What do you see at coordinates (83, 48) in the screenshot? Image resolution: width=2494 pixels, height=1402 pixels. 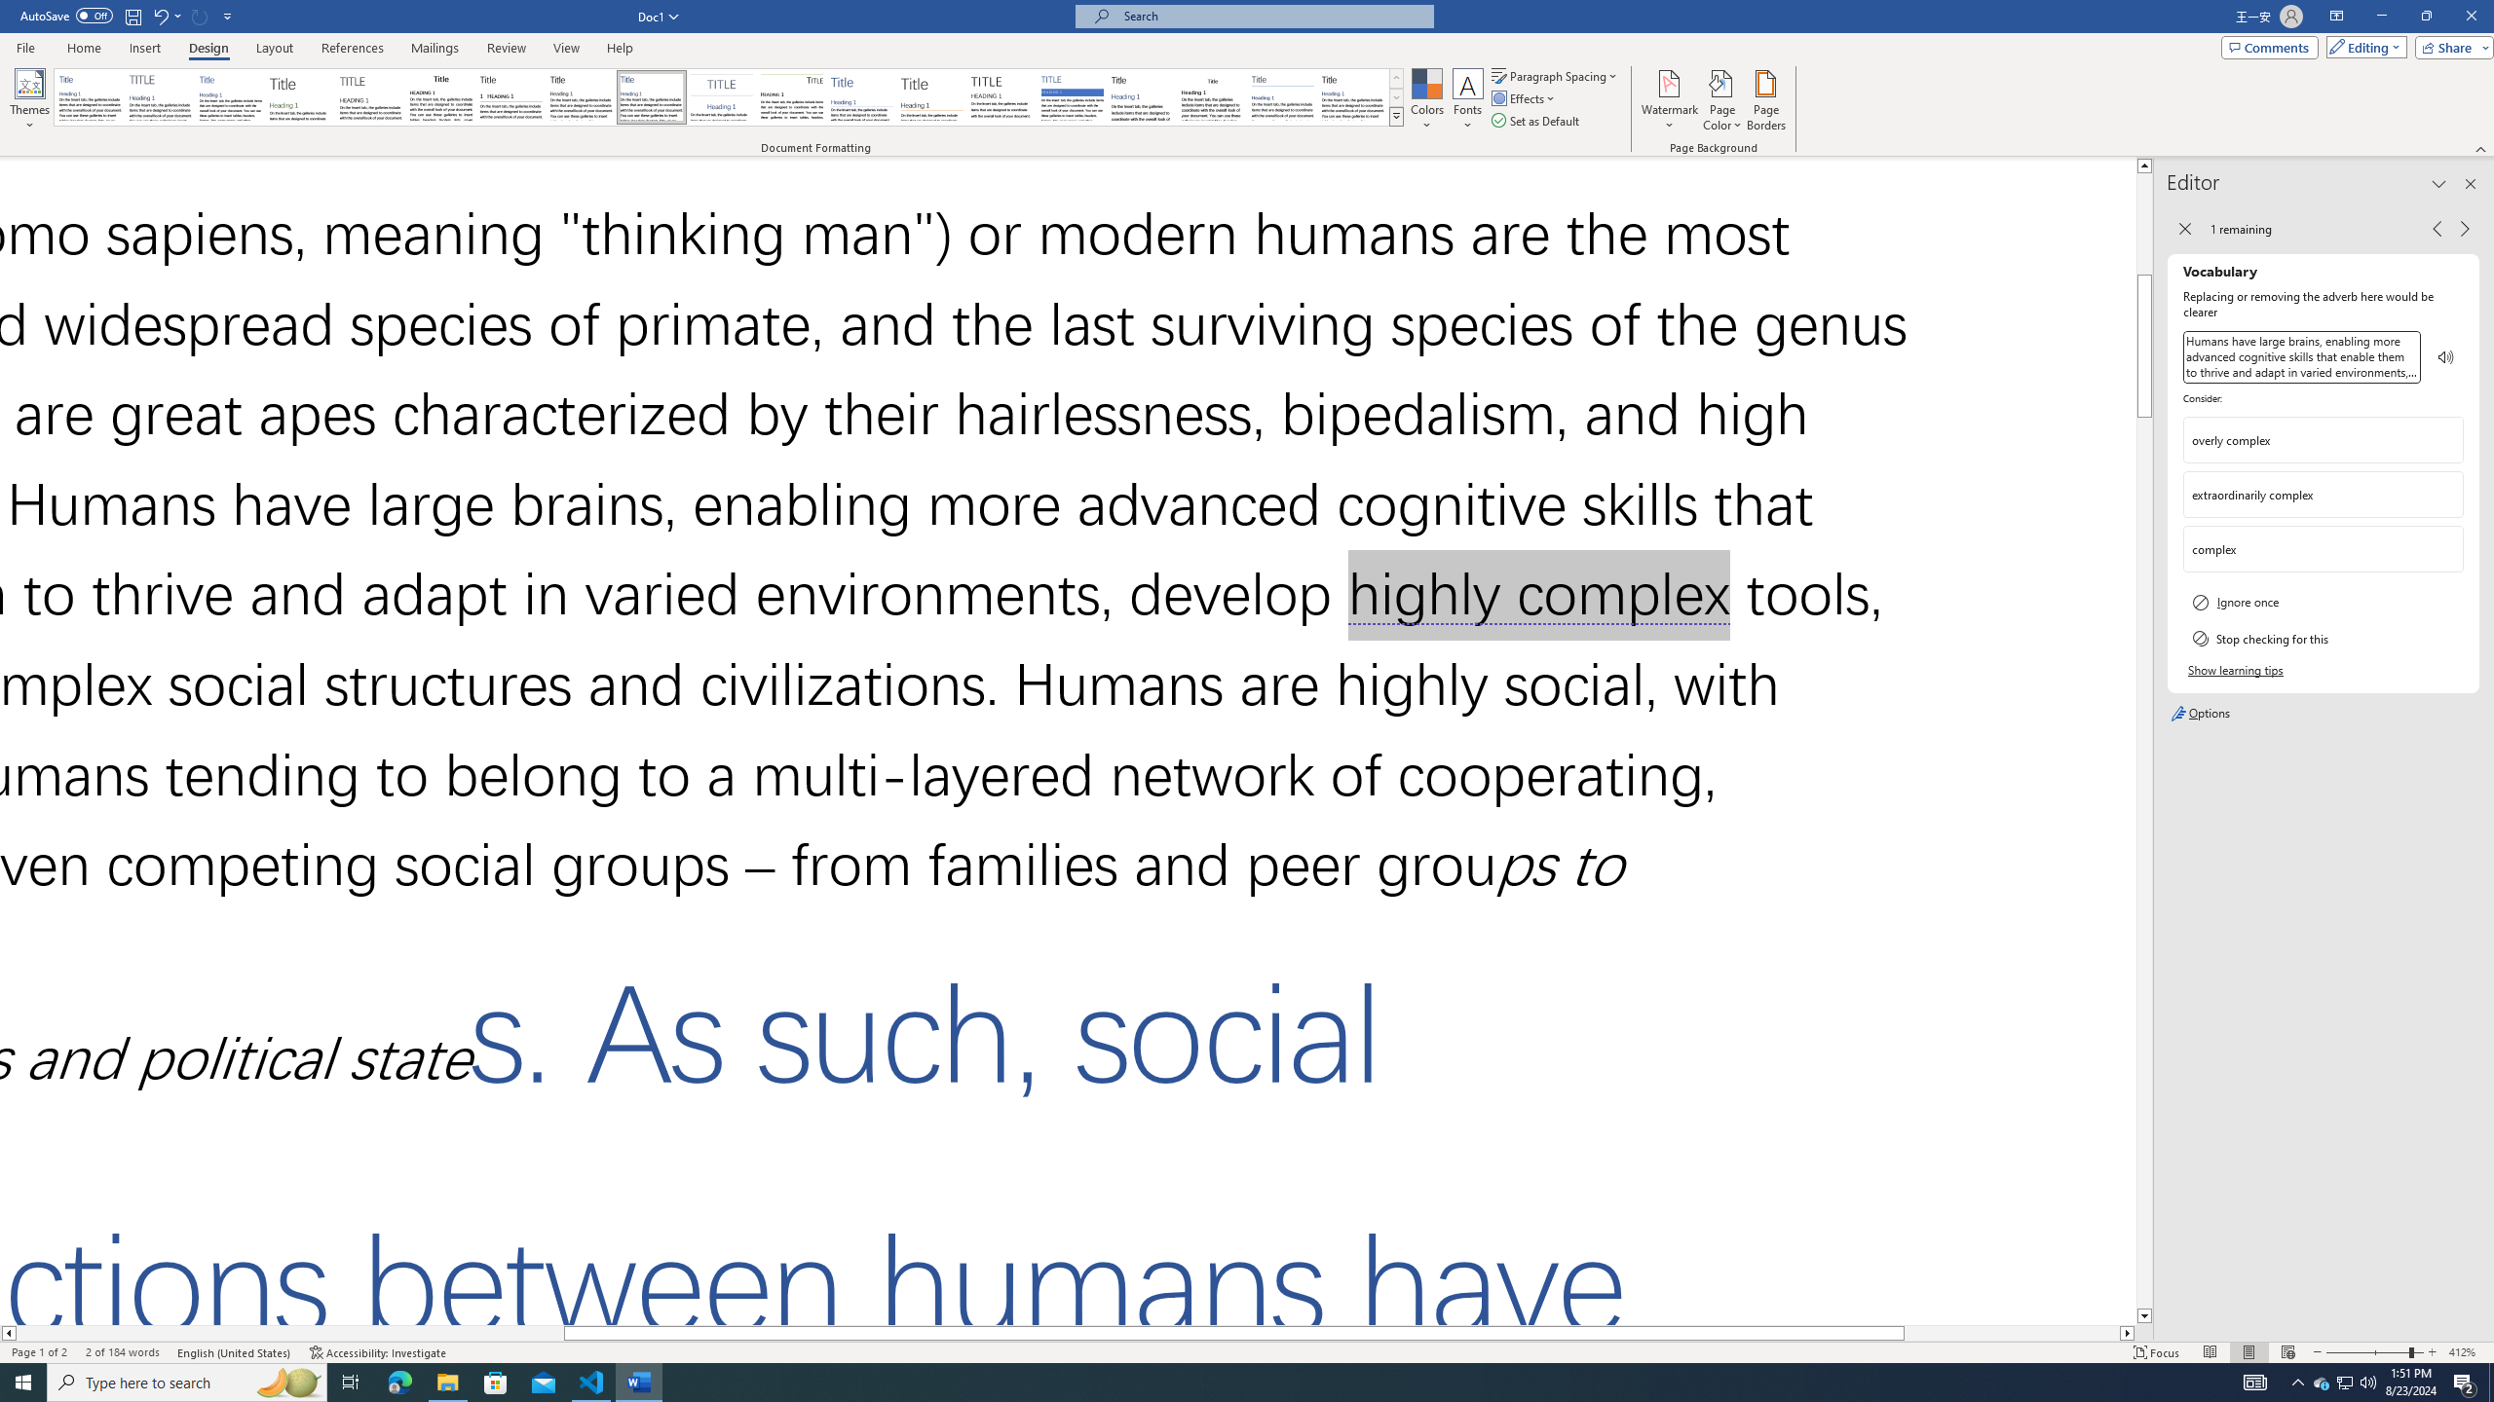 I see `'Home'` at bounding box center [83, 48].